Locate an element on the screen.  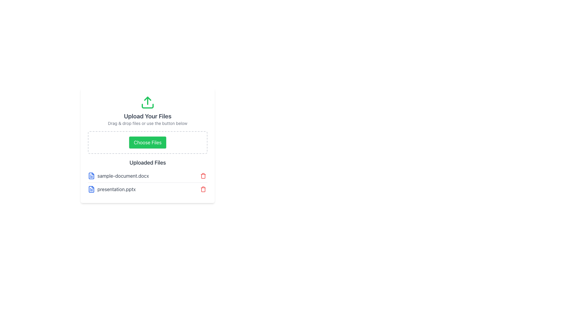
the informational header that features a prominent green upload icon and the text 'Upload Your Files' along with 'Drag & drop files or use the button below' is located at coordinates (148, 111).